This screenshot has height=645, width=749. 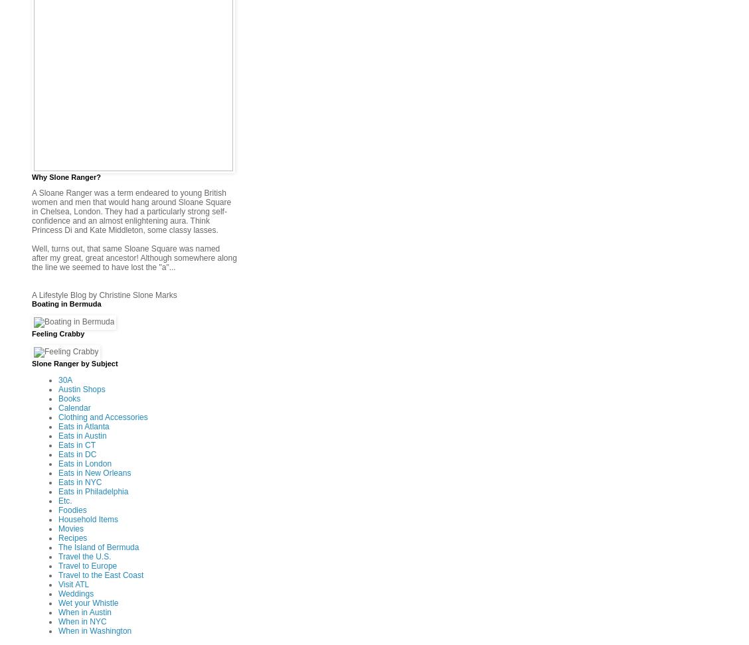 What do you see at coordinates (72, 509) in the screenshot?
I see `'Foodies'` at bounding box center [72, 509].